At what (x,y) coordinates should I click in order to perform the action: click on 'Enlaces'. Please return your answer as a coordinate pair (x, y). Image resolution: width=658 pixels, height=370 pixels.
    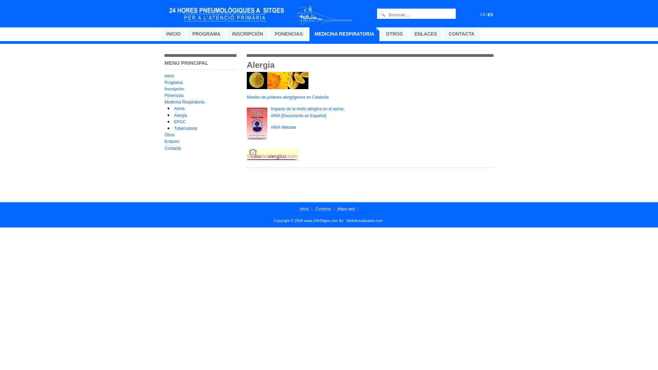
    Looking at the image, I should click on (172, 141).